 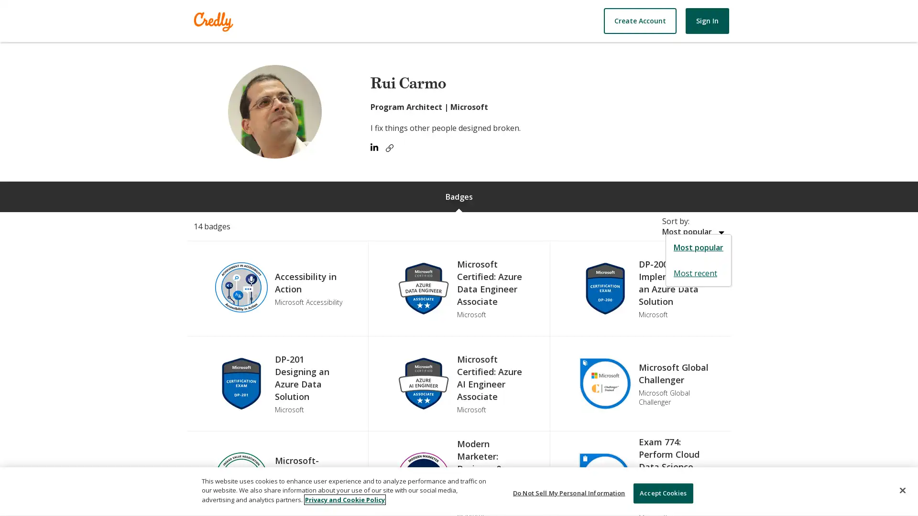 What do you see at coordinates (569, 493) in the screenshot?
I see `Do Not Sell My Personal Information` at bounding box center [569, 493].